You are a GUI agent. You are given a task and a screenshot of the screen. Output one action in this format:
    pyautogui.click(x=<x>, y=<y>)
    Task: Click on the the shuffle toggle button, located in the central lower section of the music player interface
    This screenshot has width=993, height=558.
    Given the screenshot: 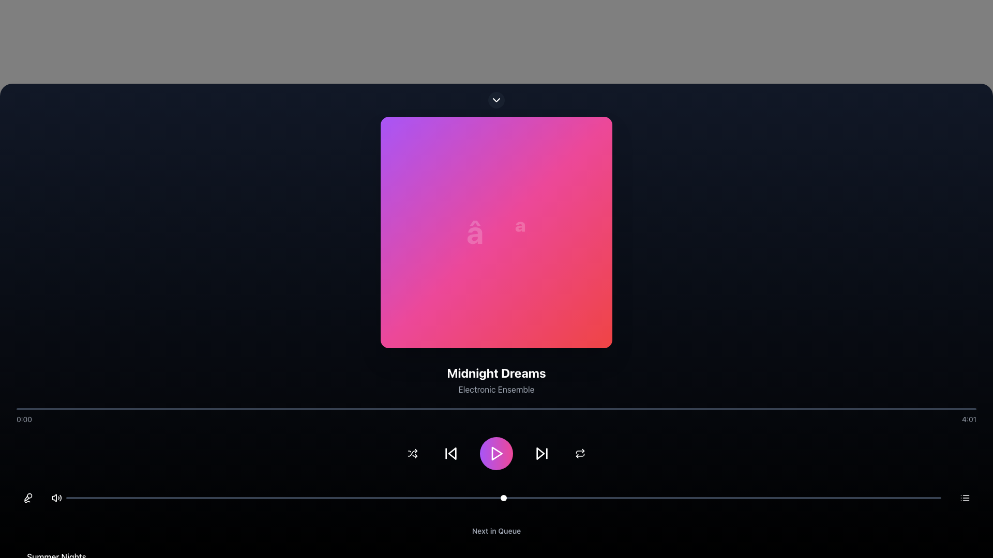 What is the action you would take?
    pyautogui.click(x=412, y=453)
    